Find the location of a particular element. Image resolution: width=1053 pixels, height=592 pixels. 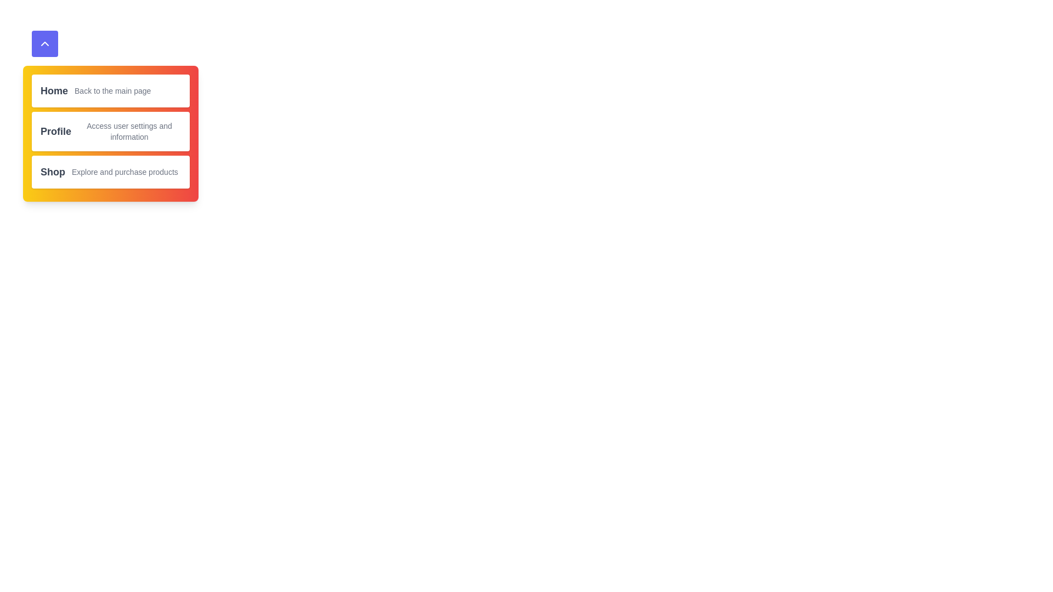

the menu item labeled Profile is located at coordinates (110, 130).